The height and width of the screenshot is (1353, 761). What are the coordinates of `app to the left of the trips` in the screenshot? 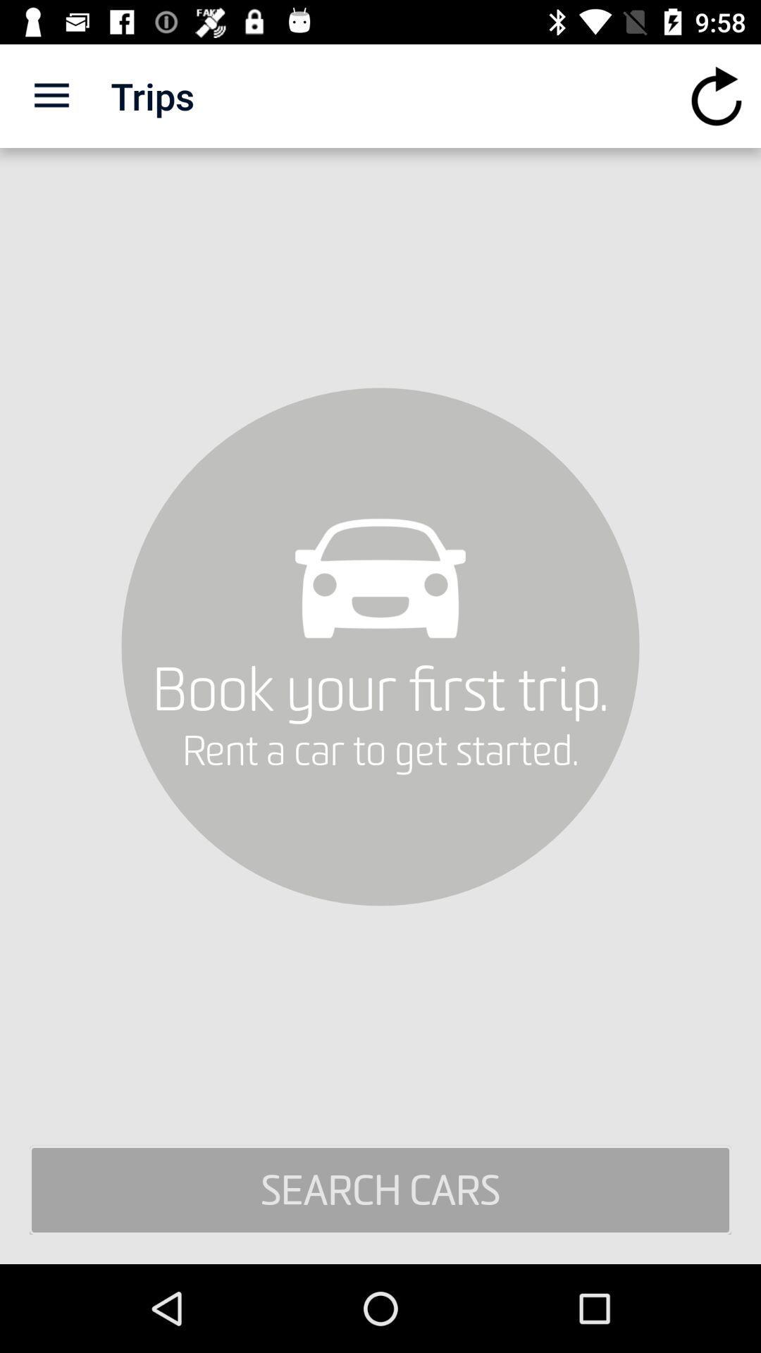 It's located at (51, 95).